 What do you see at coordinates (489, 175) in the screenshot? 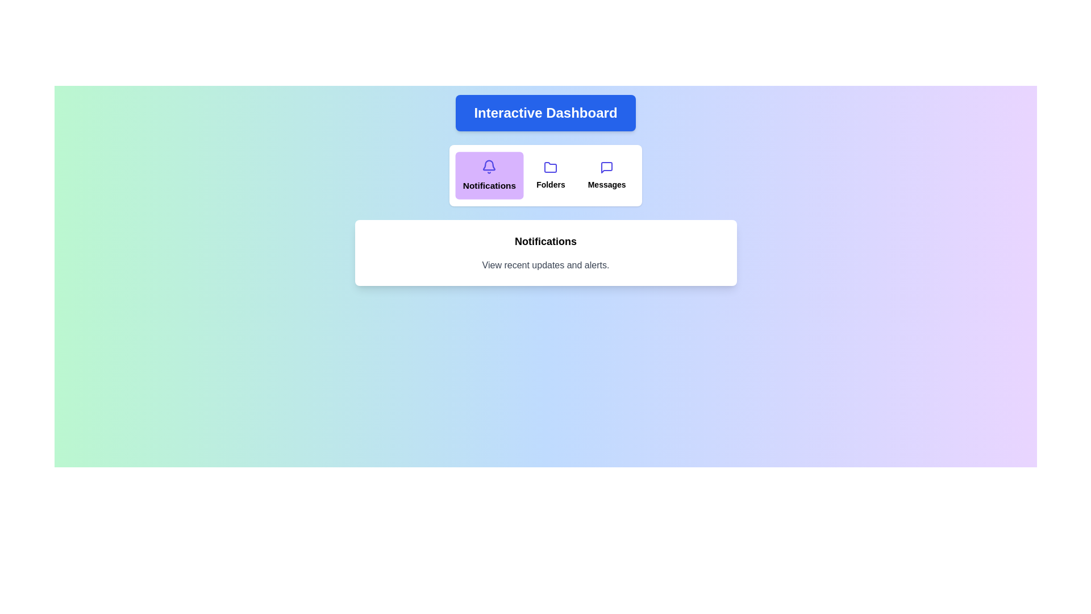
I see `the Notifications button` at bounding box center [489, 175].